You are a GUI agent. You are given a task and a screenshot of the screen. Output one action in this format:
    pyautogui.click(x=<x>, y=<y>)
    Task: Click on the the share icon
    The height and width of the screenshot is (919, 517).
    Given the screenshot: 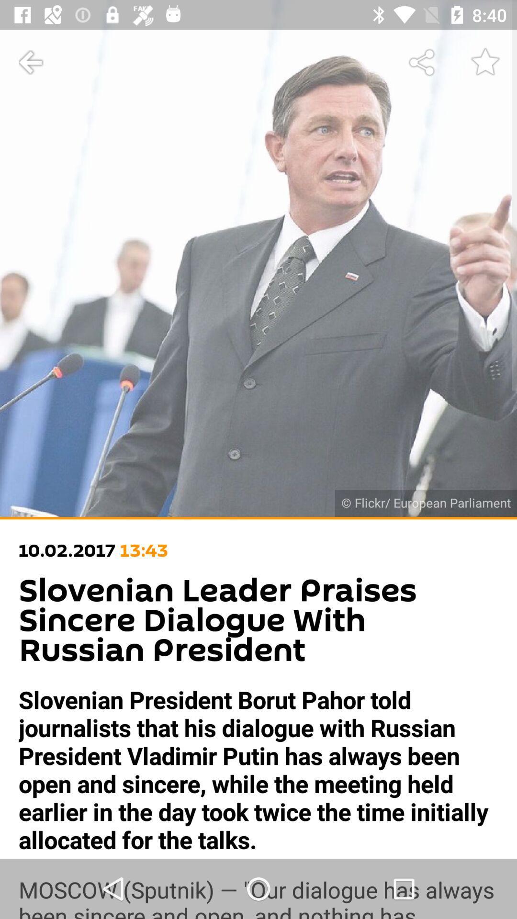 What is the action you would take?
    pyautogui.click(x=422, y=62)
    